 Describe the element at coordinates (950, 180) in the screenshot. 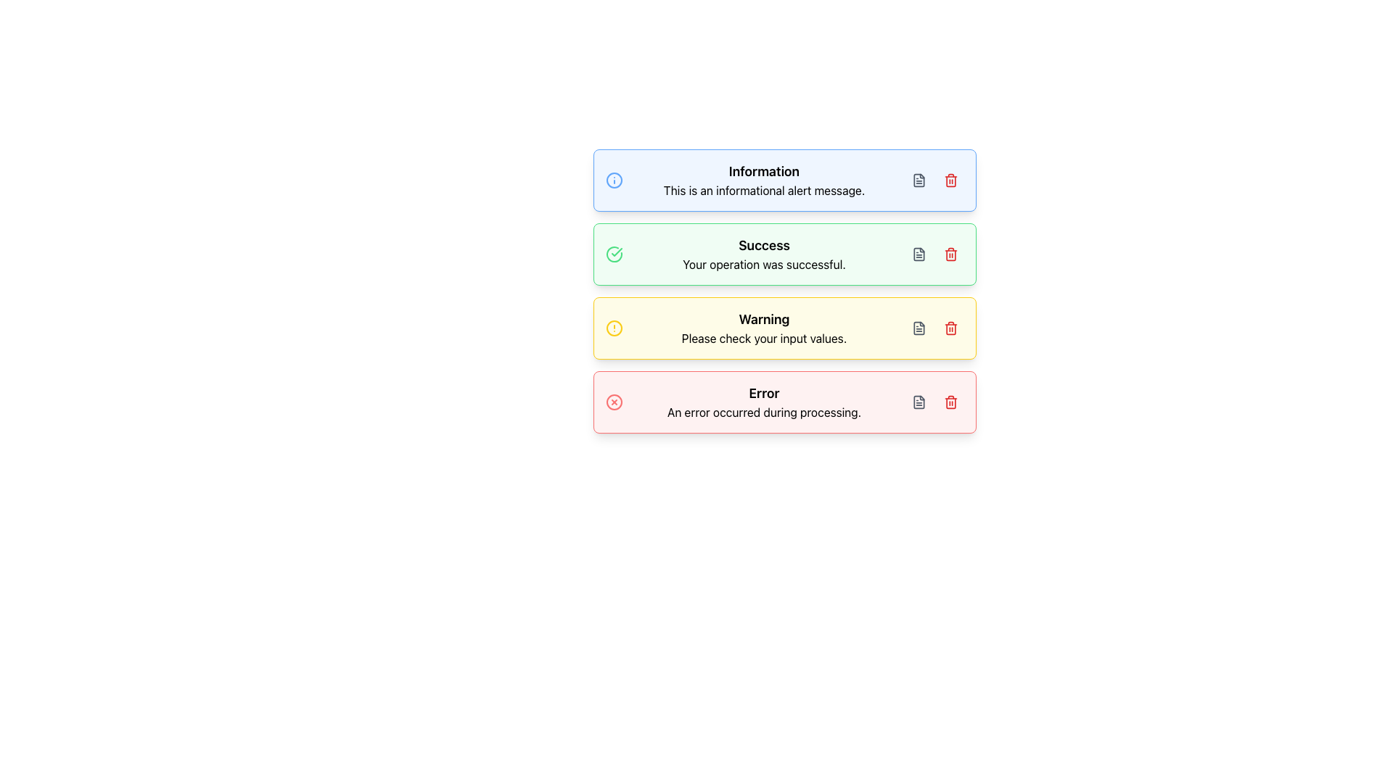

I see `the small red-colored trash bin icon button located on the right side of the blue 'Information' alert box` at that location.